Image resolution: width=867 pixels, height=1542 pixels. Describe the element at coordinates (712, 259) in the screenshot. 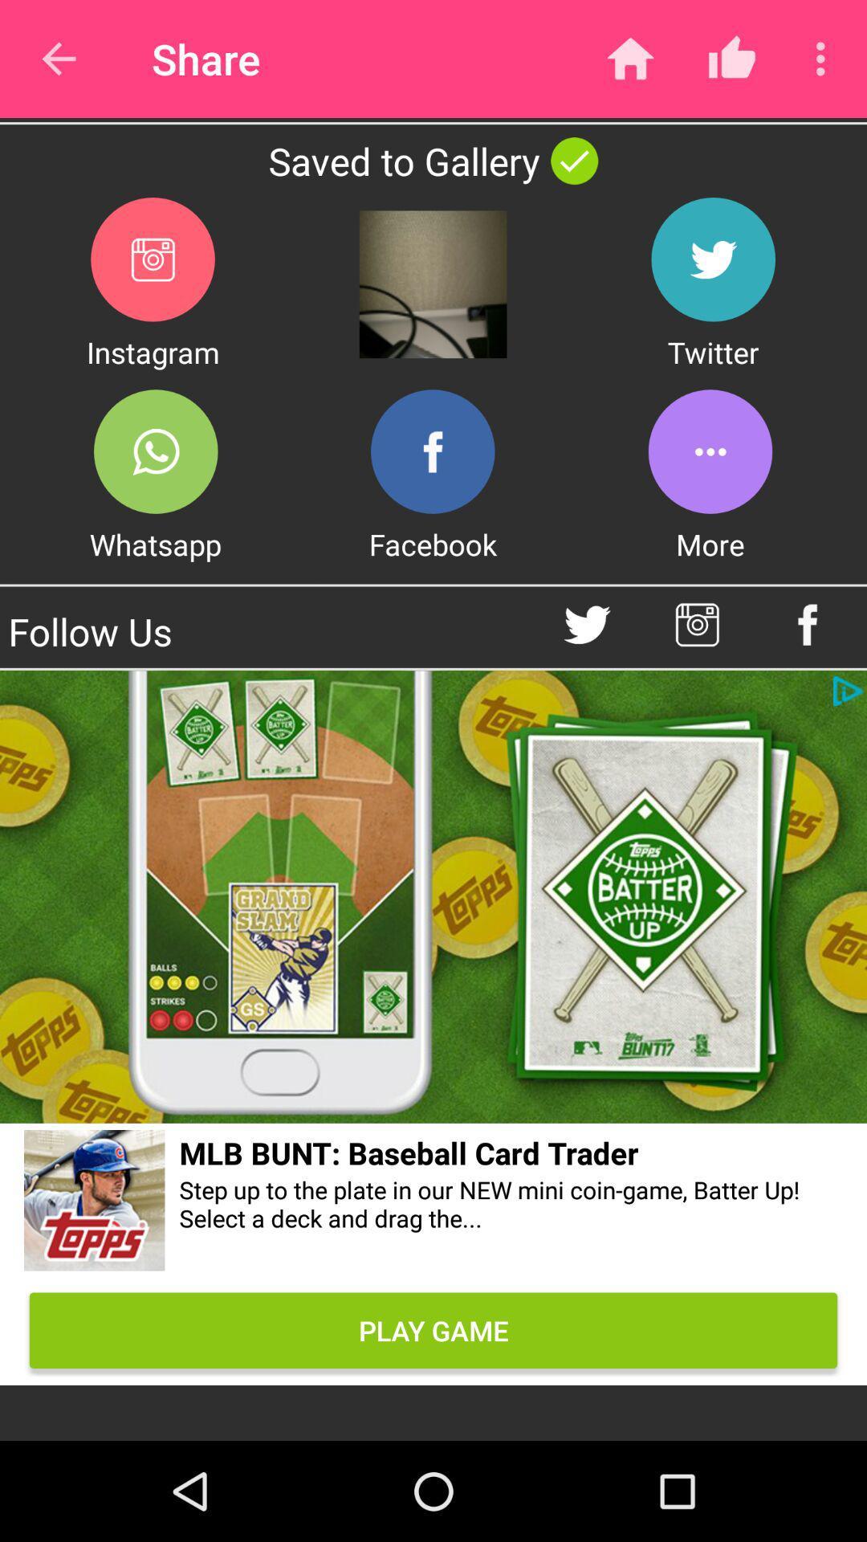

I see `twitter` at that location.